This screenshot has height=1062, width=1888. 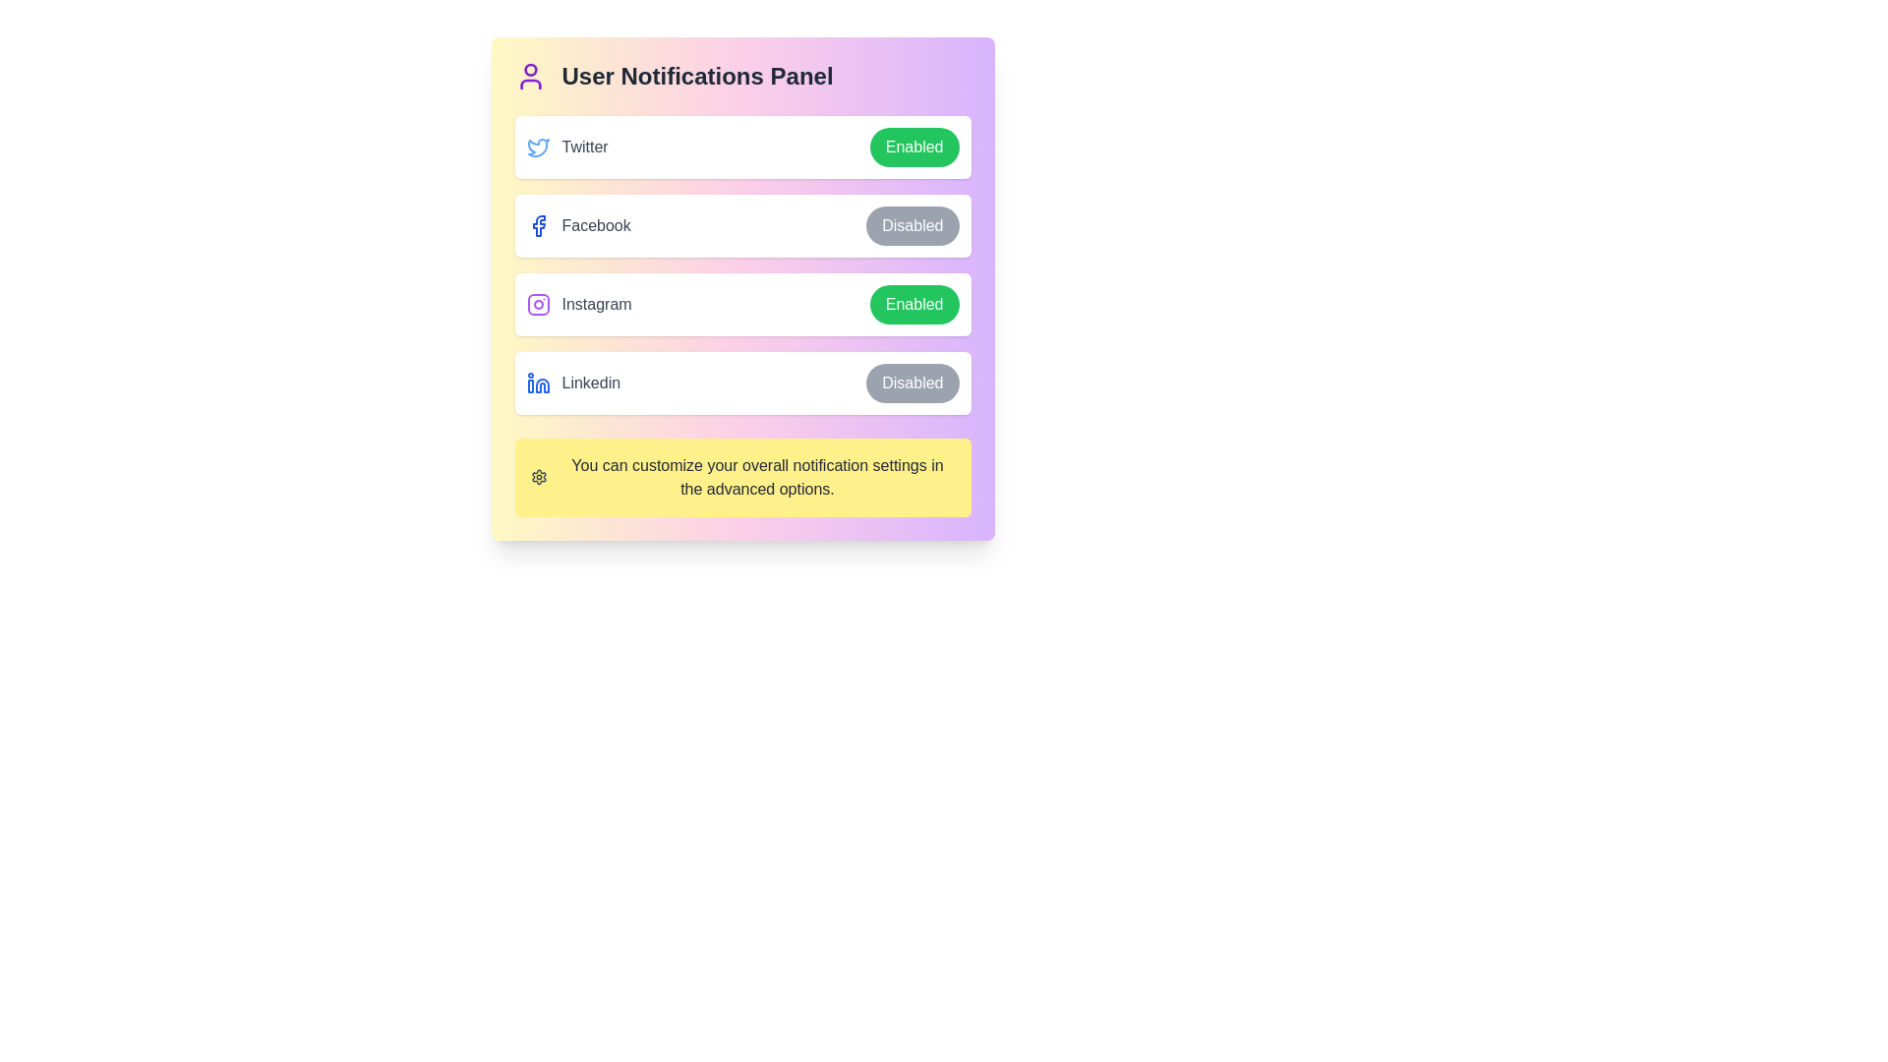 What do you see at coordinates (538, 147) in the screenshot?
I see `the Twitter icon in the notification settings panel, which is located at the top-left corner of the first entry next to the text 'Twitter'` at bounding box center [538, 147].